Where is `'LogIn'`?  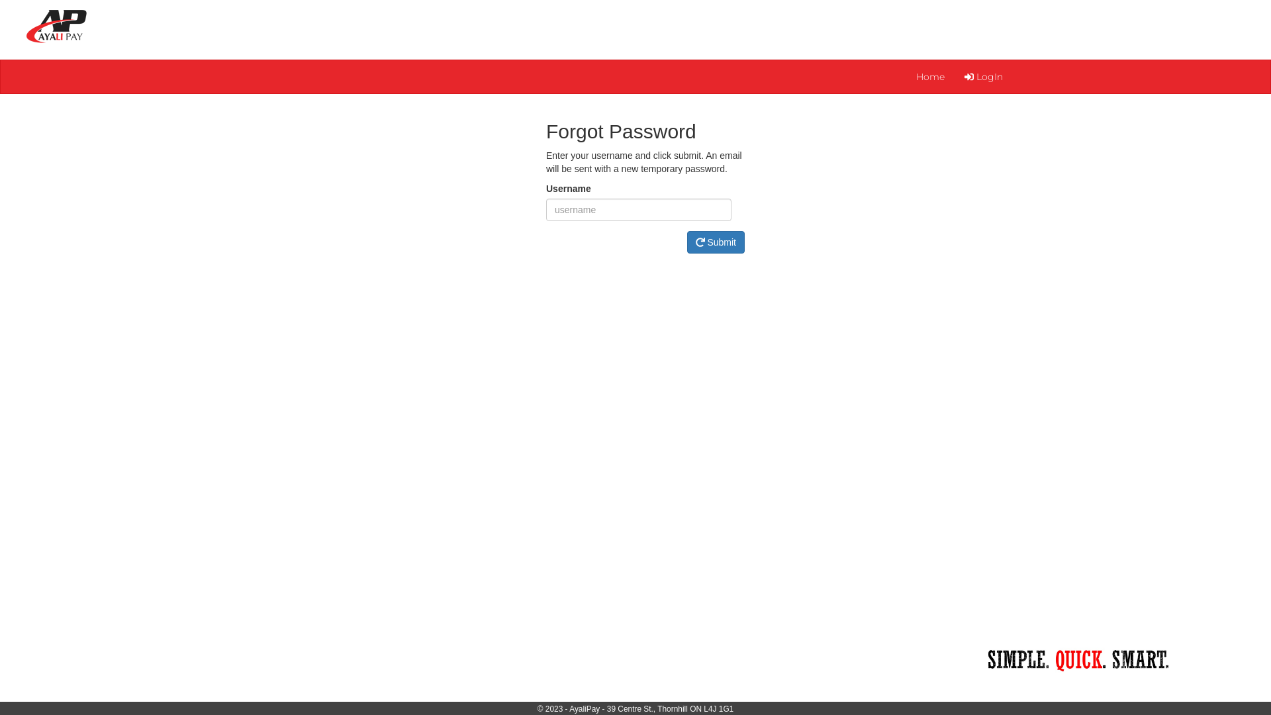 'LogIn' is located at coordinates (984, 76).